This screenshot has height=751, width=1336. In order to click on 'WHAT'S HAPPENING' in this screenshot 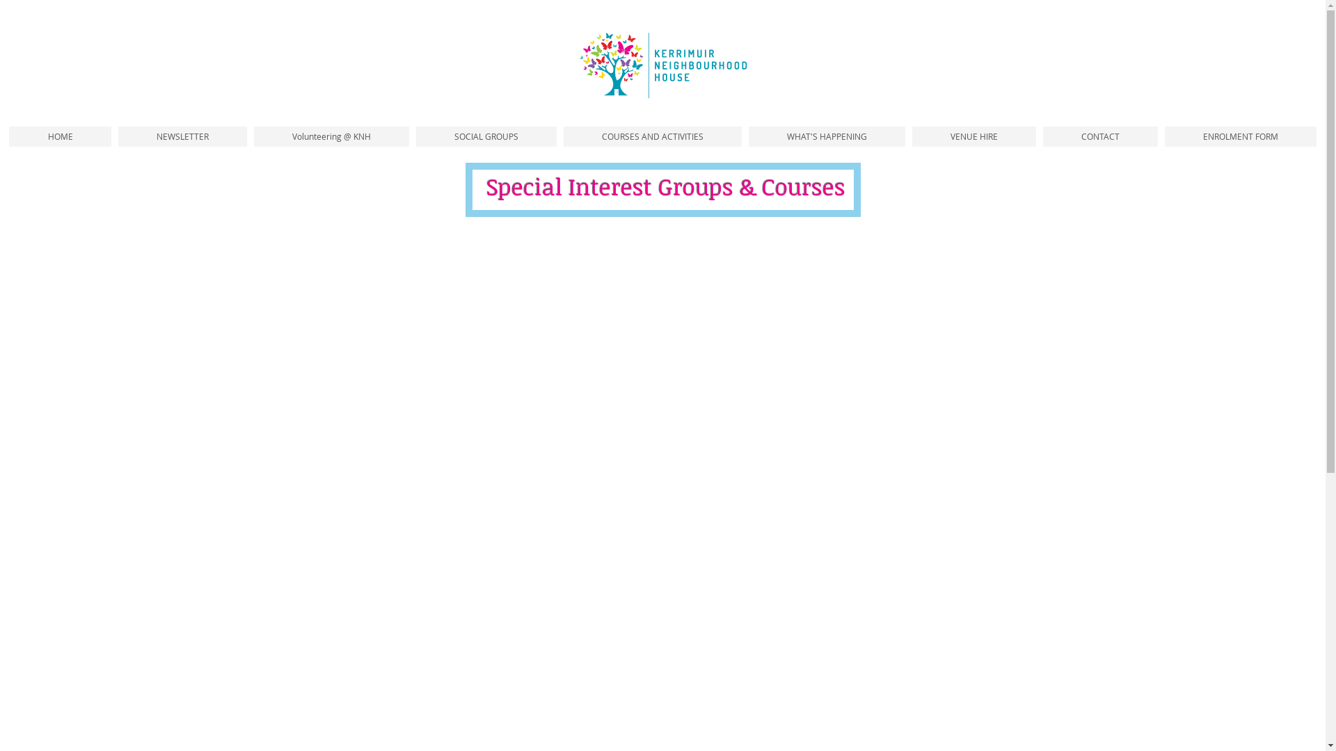, I will do `click(827, 136)`.